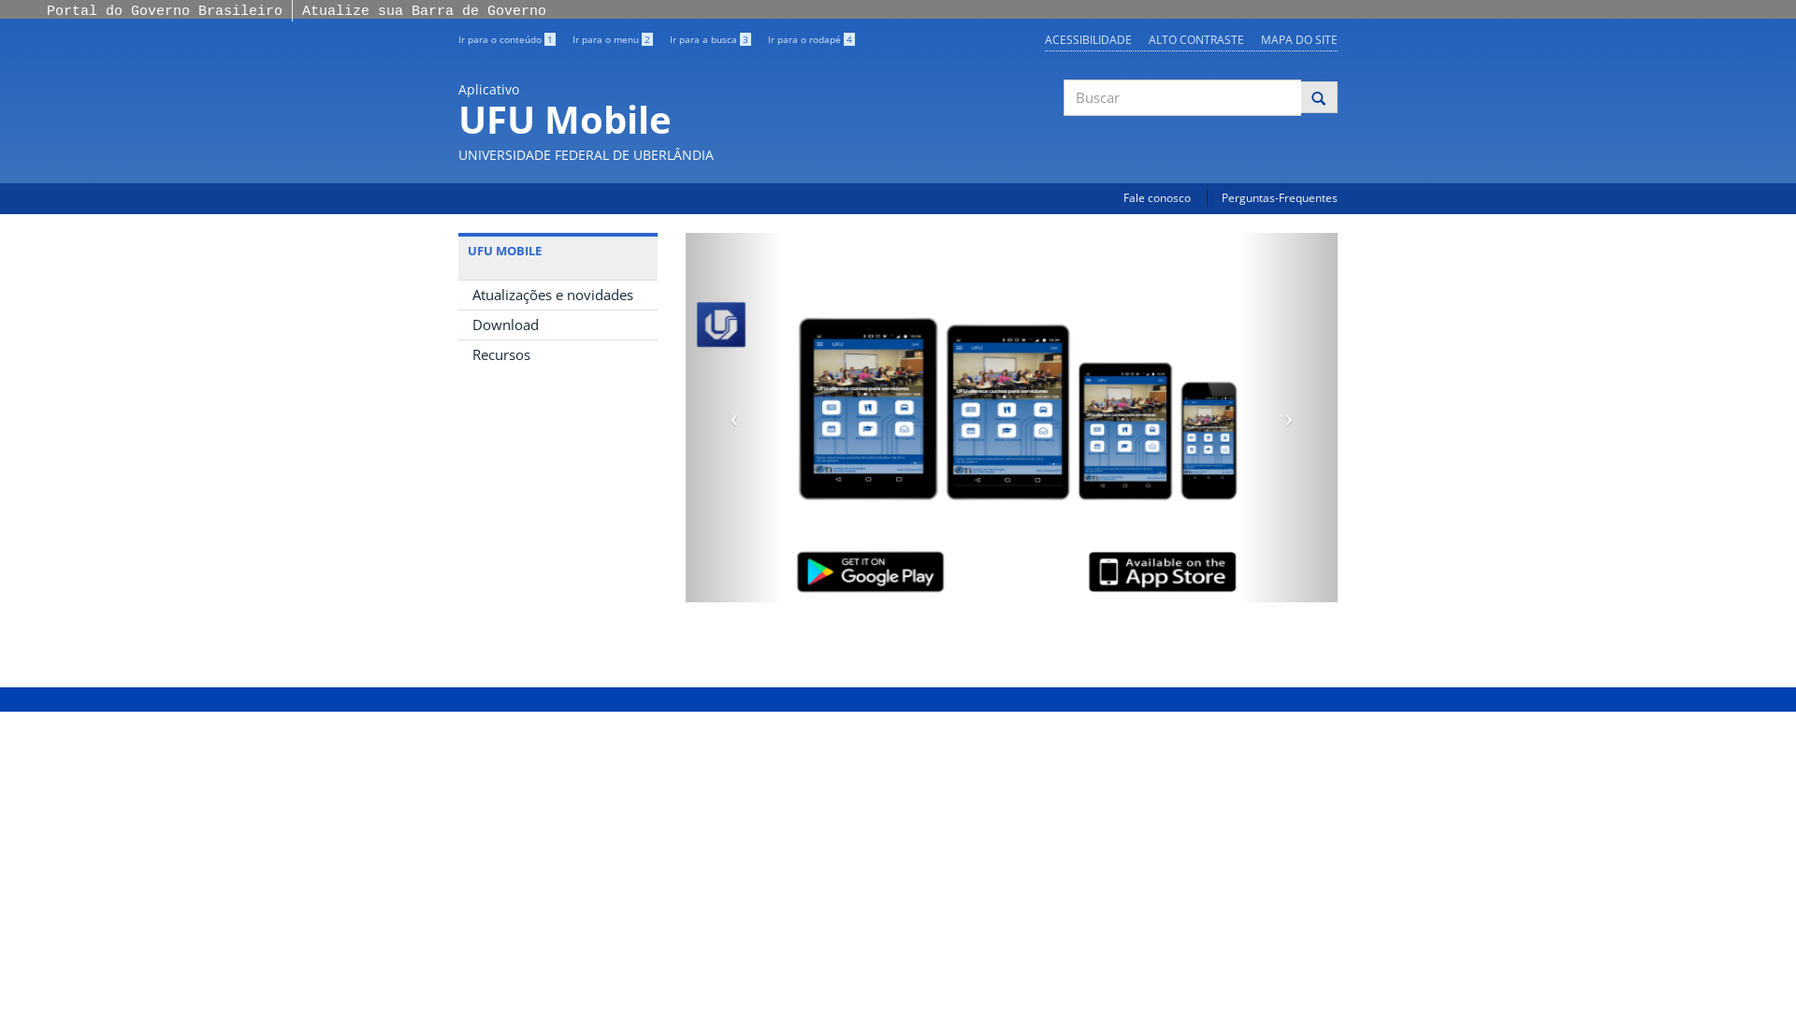 The width and height of the screenshot is (1796, 1010). What do you see at coordinates (557, 354) in the screenshot?
I see `'Recursos'` at bounding box center [557, 354].